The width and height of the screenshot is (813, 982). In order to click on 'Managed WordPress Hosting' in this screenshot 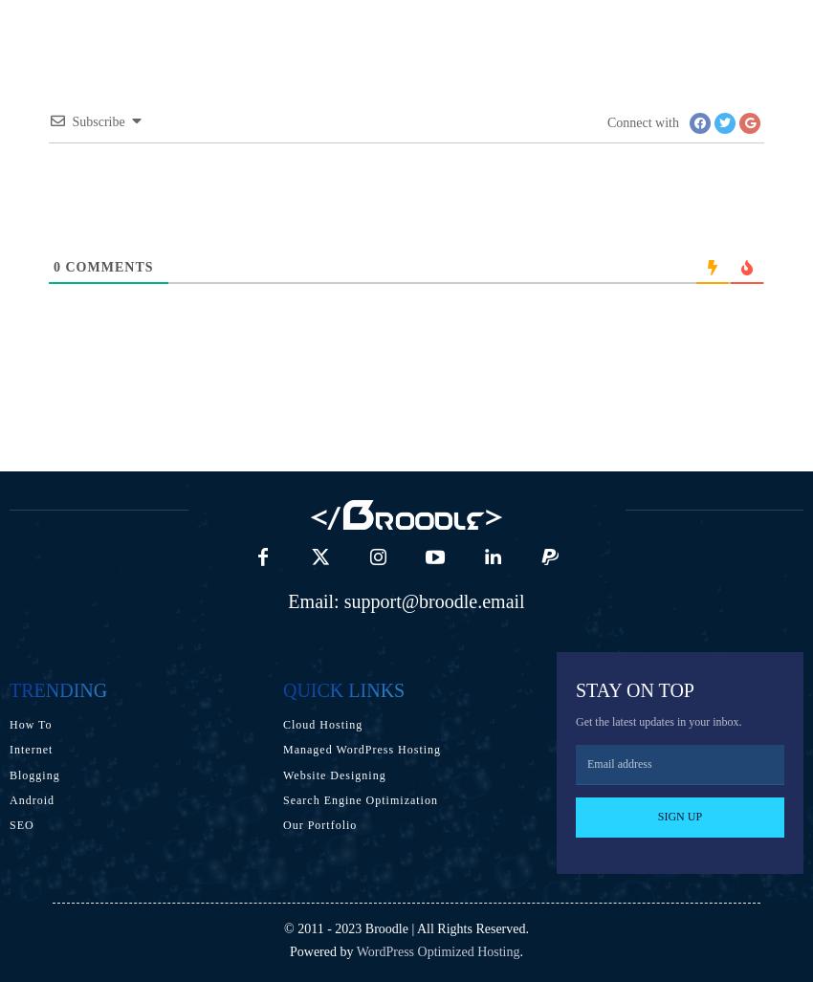, I will do `click(360, 749)`.